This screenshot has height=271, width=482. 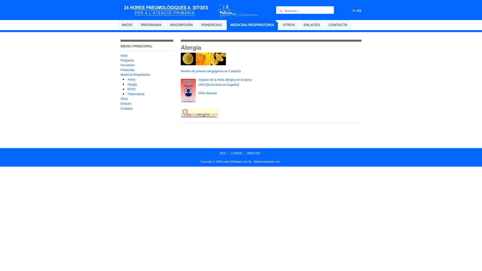 I want to click on 'ENLACES', so click(x=312, y=25).